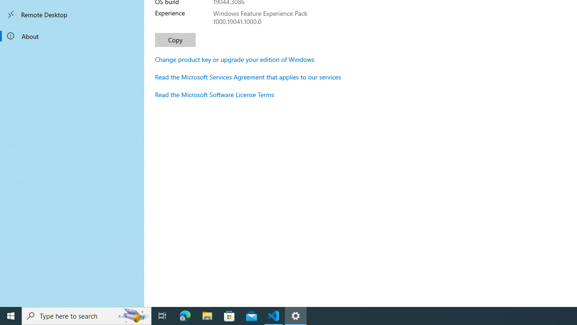 The width and height of the screenshot is (577, 325). What do you see at coordinates (72, 35) in the screenshot?
I see `'About'` at bounding box center [72, 35].